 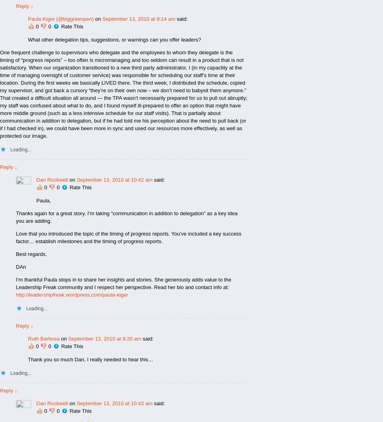 I want to click on 'September 13, 2010 at 9:14 am', so click(x=138, y=19).